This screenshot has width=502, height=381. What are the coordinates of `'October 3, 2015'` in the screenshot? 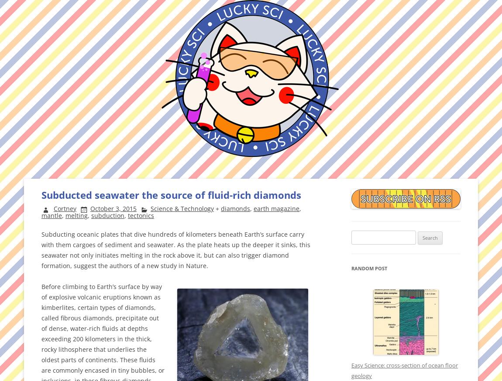 It's located at (113, 208).